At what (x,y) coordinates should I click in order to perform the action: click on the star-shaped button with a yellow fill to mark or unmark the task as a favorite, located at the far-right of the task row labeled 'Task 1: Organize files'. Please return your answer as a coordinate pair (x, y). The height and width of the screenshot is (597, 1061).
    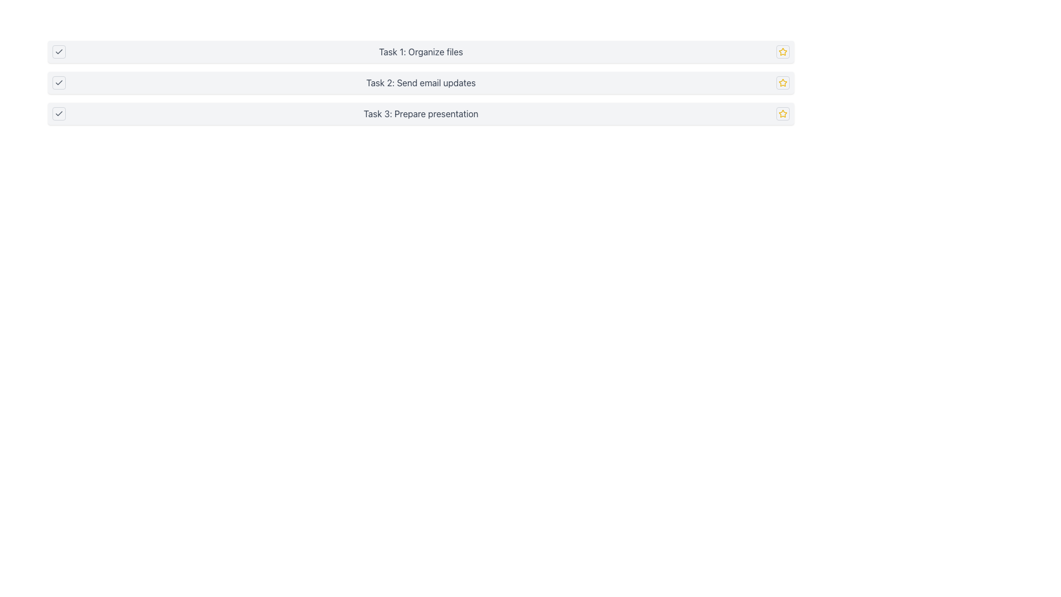
    Looking at the image, I should click on (782, 51).